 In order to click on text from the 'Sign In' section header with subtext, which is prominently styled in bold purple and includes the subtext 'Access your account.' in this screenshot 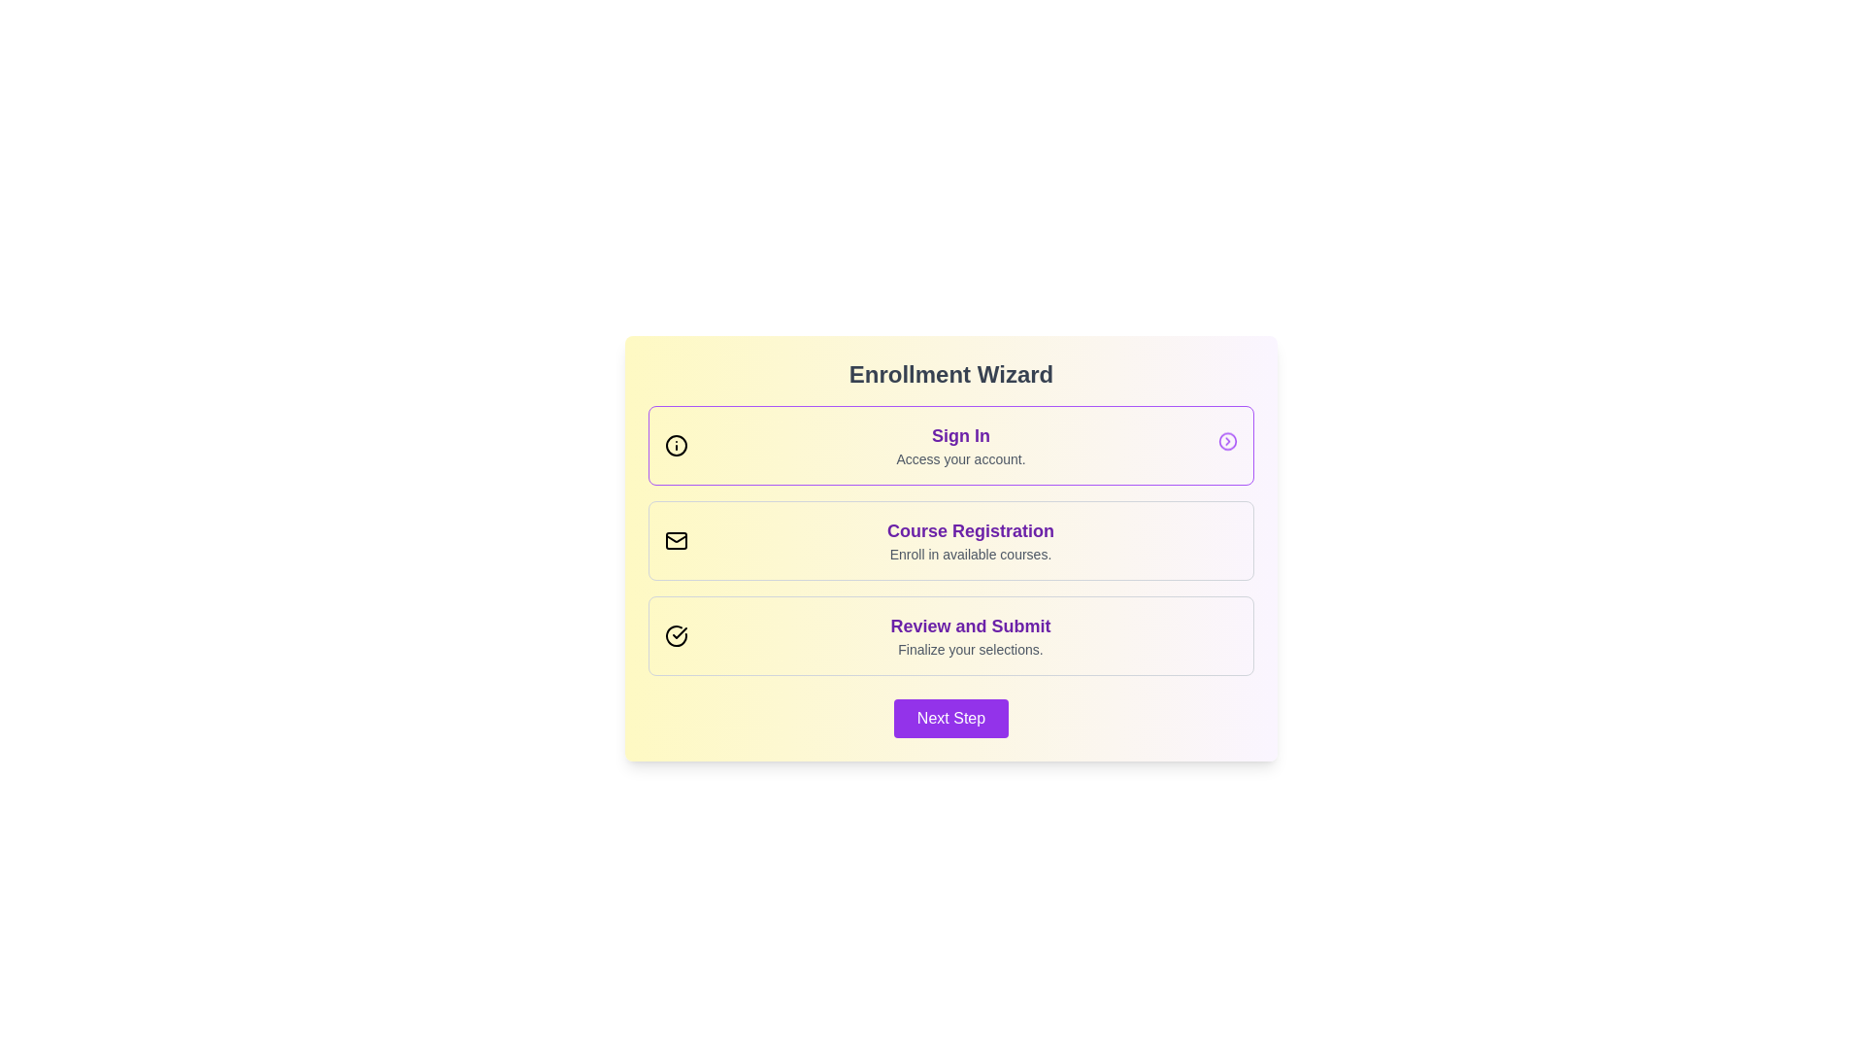, I will do `click(960, 446)`.